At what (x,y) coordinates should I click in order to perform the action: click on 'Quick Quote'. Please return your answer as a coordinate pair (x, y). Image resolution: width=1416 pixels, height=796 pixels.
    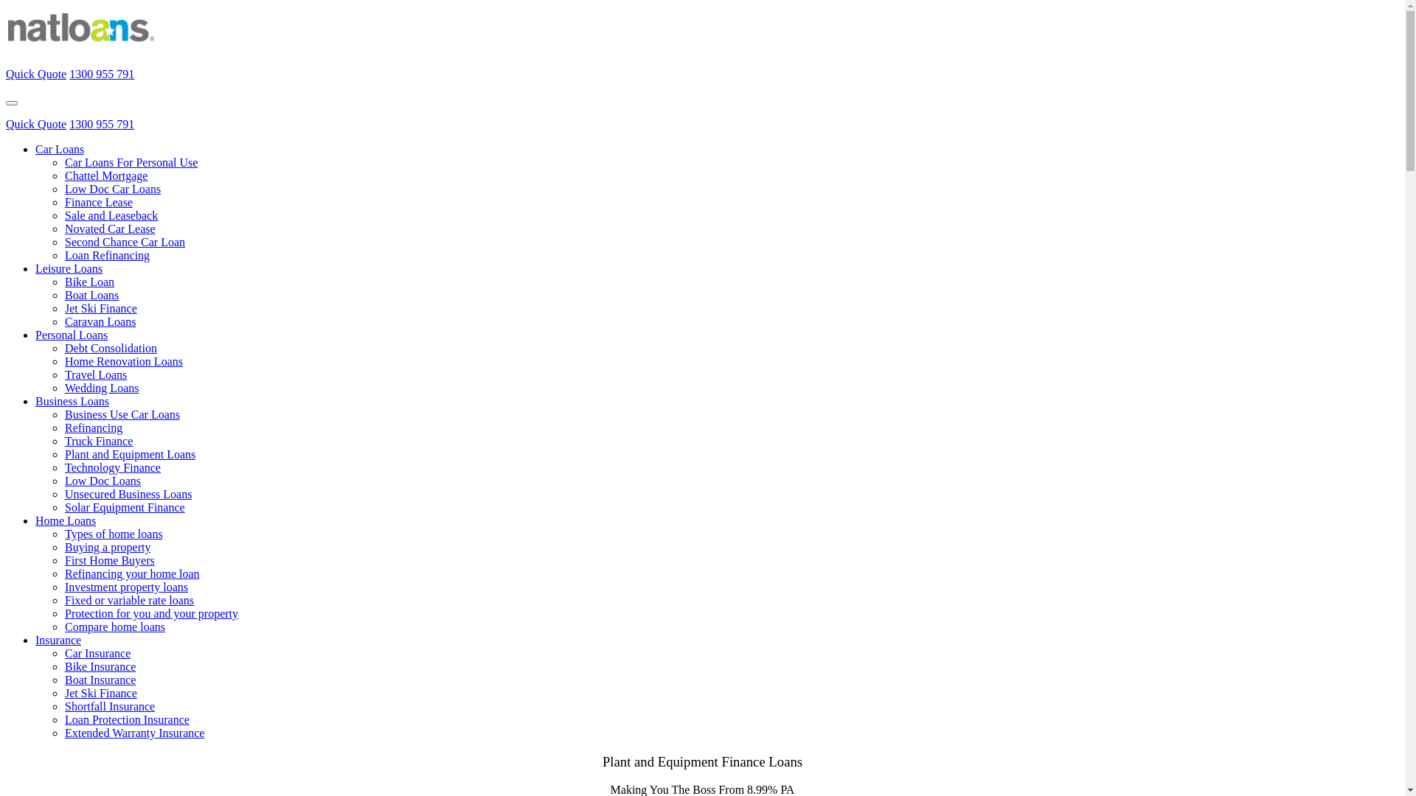
    Looking at the image, I should click on (35, 123).